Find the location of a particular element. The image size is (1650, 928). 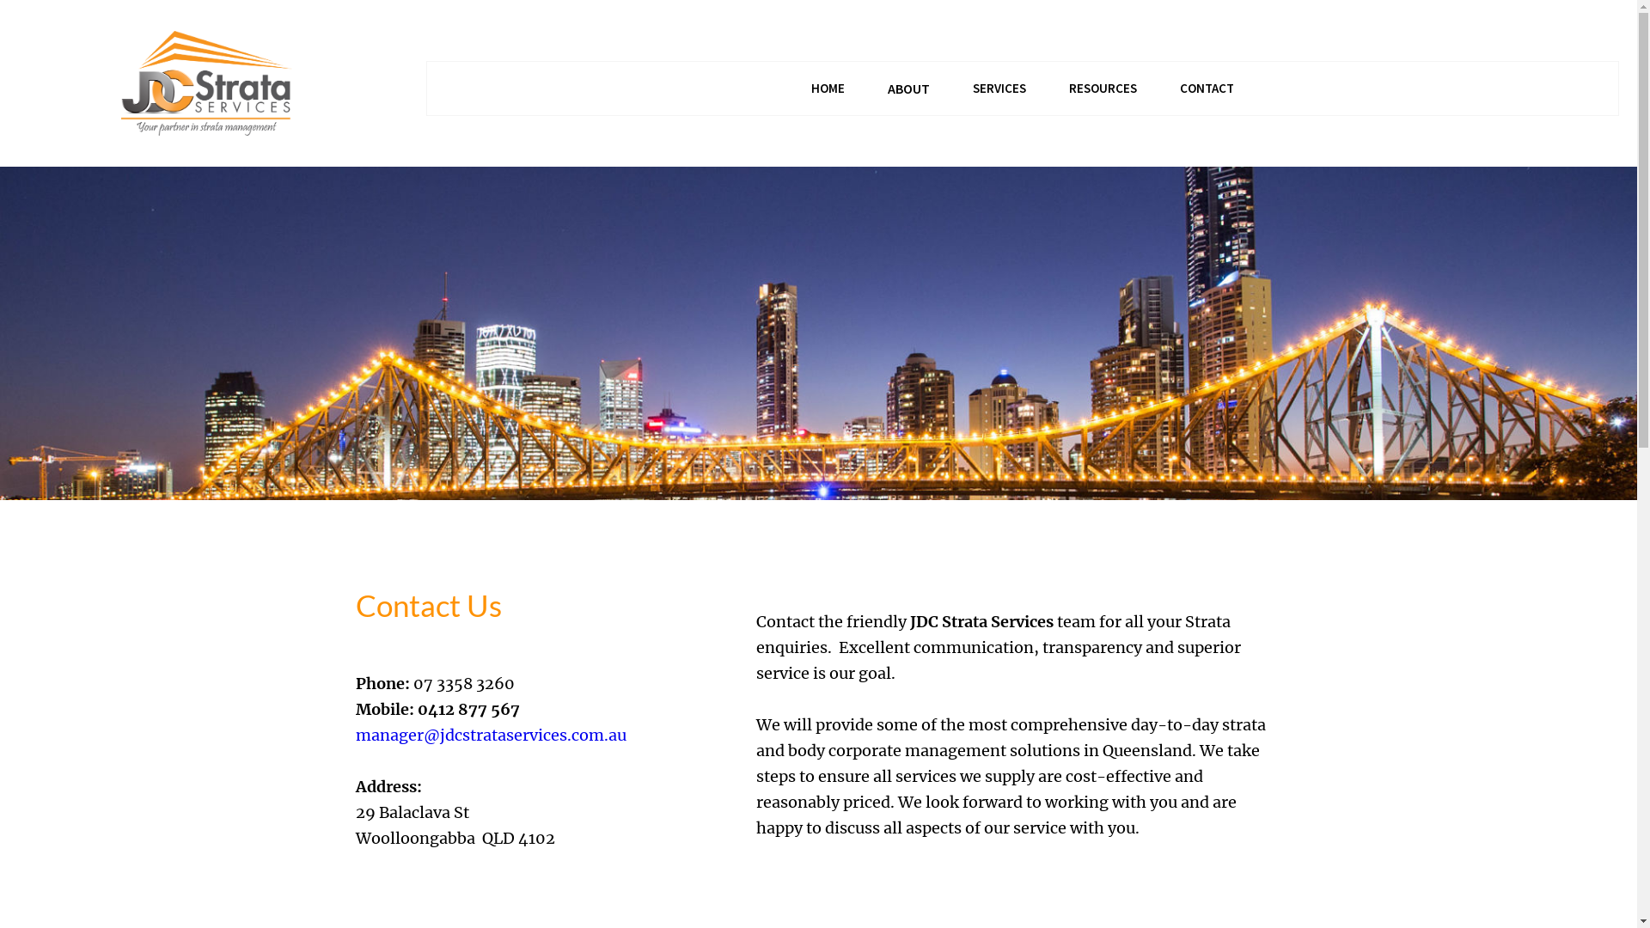

'HOME' is located at coordinates (828, 89).